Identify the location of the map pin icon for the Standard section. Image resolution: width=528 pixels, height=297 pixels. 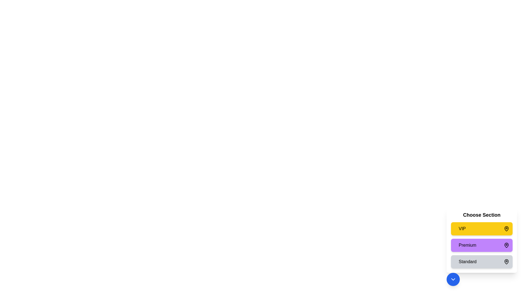
(506, 262).